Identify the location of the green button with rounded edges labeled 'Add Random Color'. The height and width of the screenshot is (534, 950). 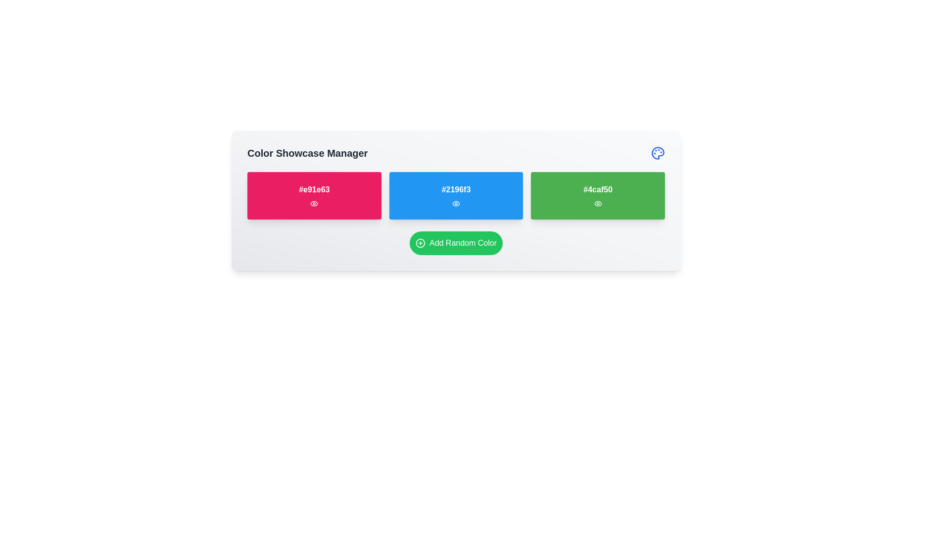
(455, 243).